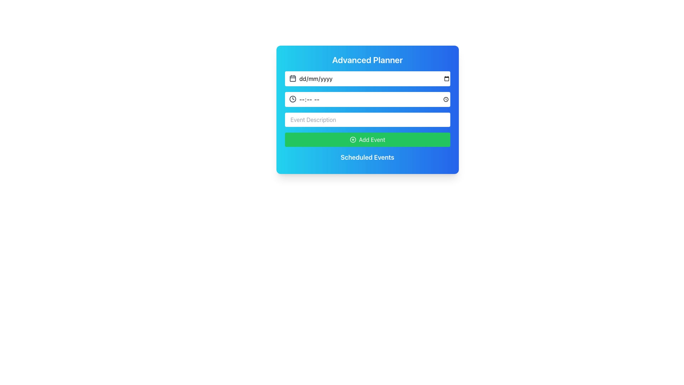  What do you see at coordinates (353, 140) in the screenshot?
I see `the circular icon with a plus sign at the bottom-center of the card UI, which is styled with a thin stroke against a green background` at bounding box center [353, 140].